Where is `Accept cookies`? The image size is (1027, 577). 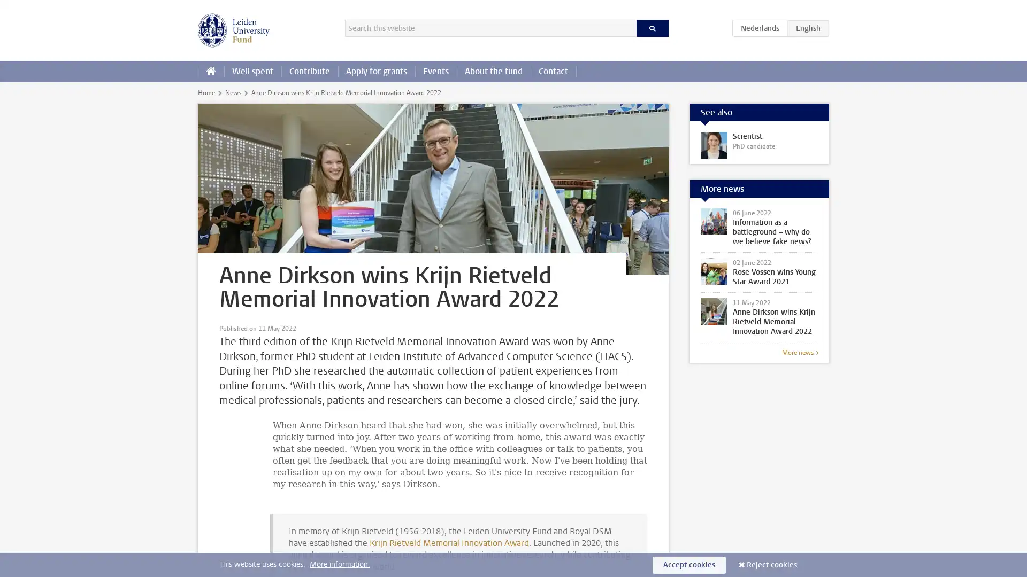
Accept cookies is located at coordinates (689, 564).